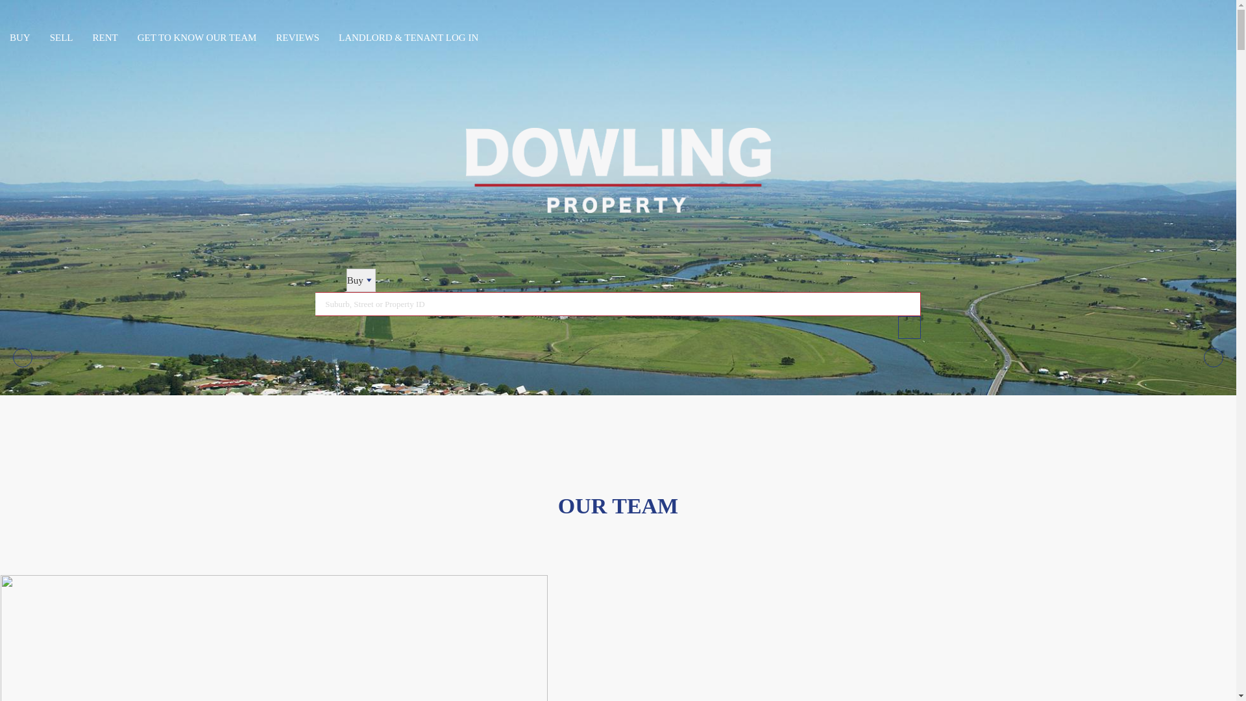 Image resolution: width=1246 pixels, height=701 pixels. Describe the element at coordinates (105, 37) in the screenshot. I see `'RENT'` at that location.